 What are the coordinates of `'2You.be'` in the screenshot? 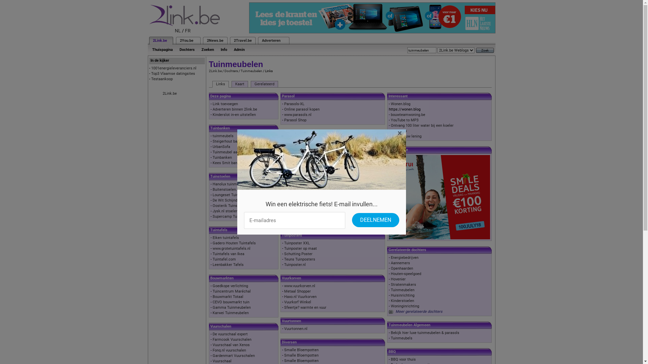 It's located at (186, 40).